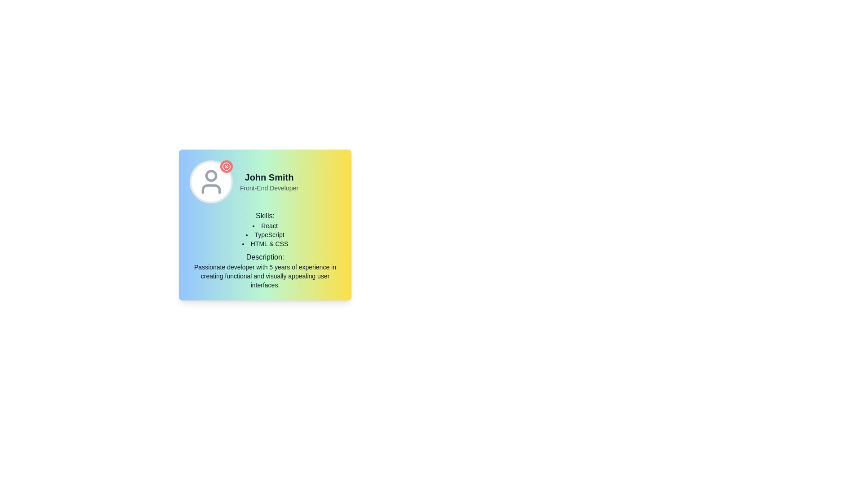  Describe the element at coordinates (227, 166) in the screenshot. I see `the interactive action button located at the top-right corner of the profile card, above the title 'John Smith'` at that location.